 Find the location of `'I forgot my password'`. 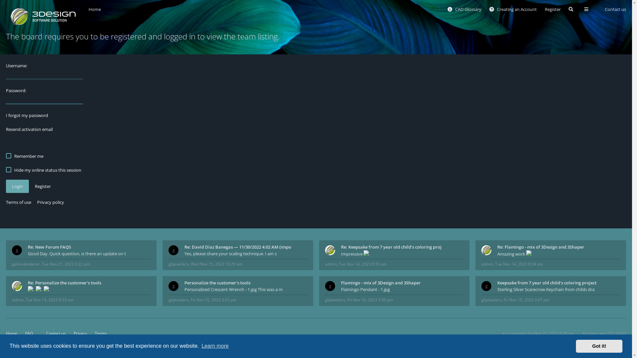

'I forgot my password' is located at coordinates (27, 115).